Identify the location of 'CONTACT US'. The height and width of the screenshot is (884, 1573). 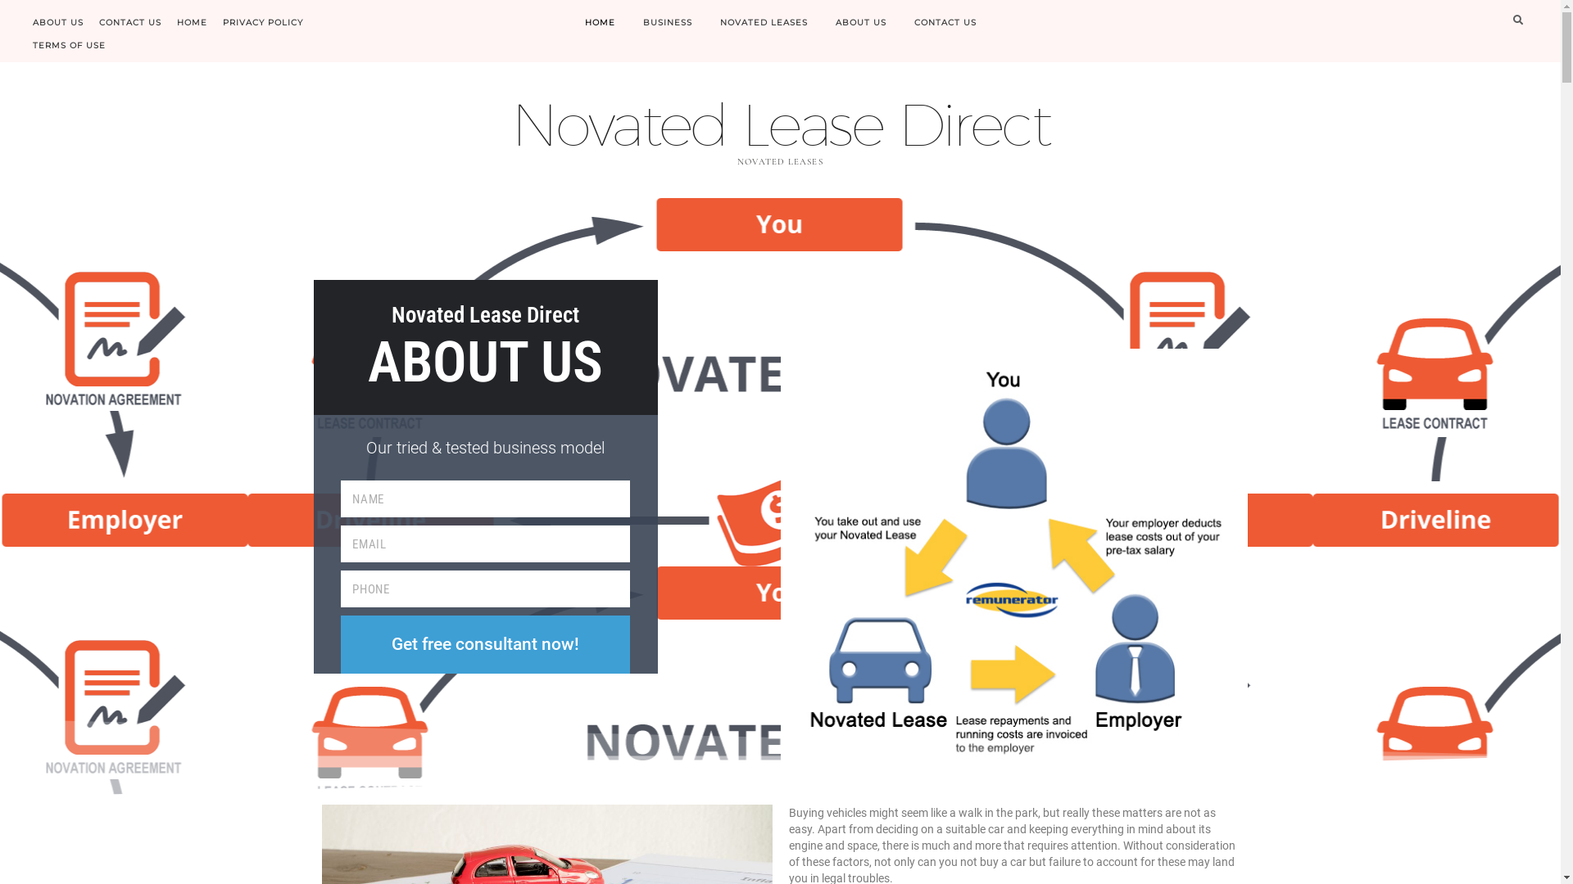
(944, 22).